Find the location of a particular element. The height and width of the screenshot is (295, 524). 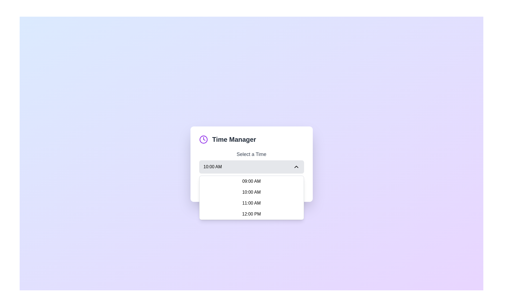

the specific time option in the dropdown menu located below the '10:00 AM' dropdown selector, which is a rectangular menu with rounded corners and white background is located at coordinates (251, 198).